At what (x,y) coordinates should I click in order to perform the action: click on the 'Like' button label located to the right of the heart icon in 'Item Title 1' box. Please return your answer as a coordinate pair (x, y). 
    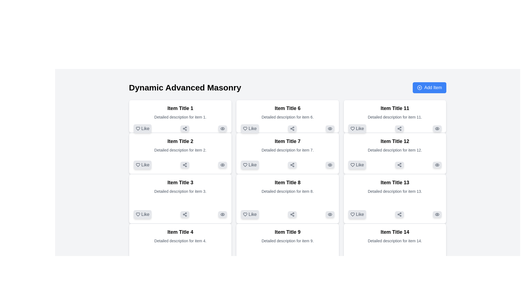
    Looking at the image, I should click on (145, 128).